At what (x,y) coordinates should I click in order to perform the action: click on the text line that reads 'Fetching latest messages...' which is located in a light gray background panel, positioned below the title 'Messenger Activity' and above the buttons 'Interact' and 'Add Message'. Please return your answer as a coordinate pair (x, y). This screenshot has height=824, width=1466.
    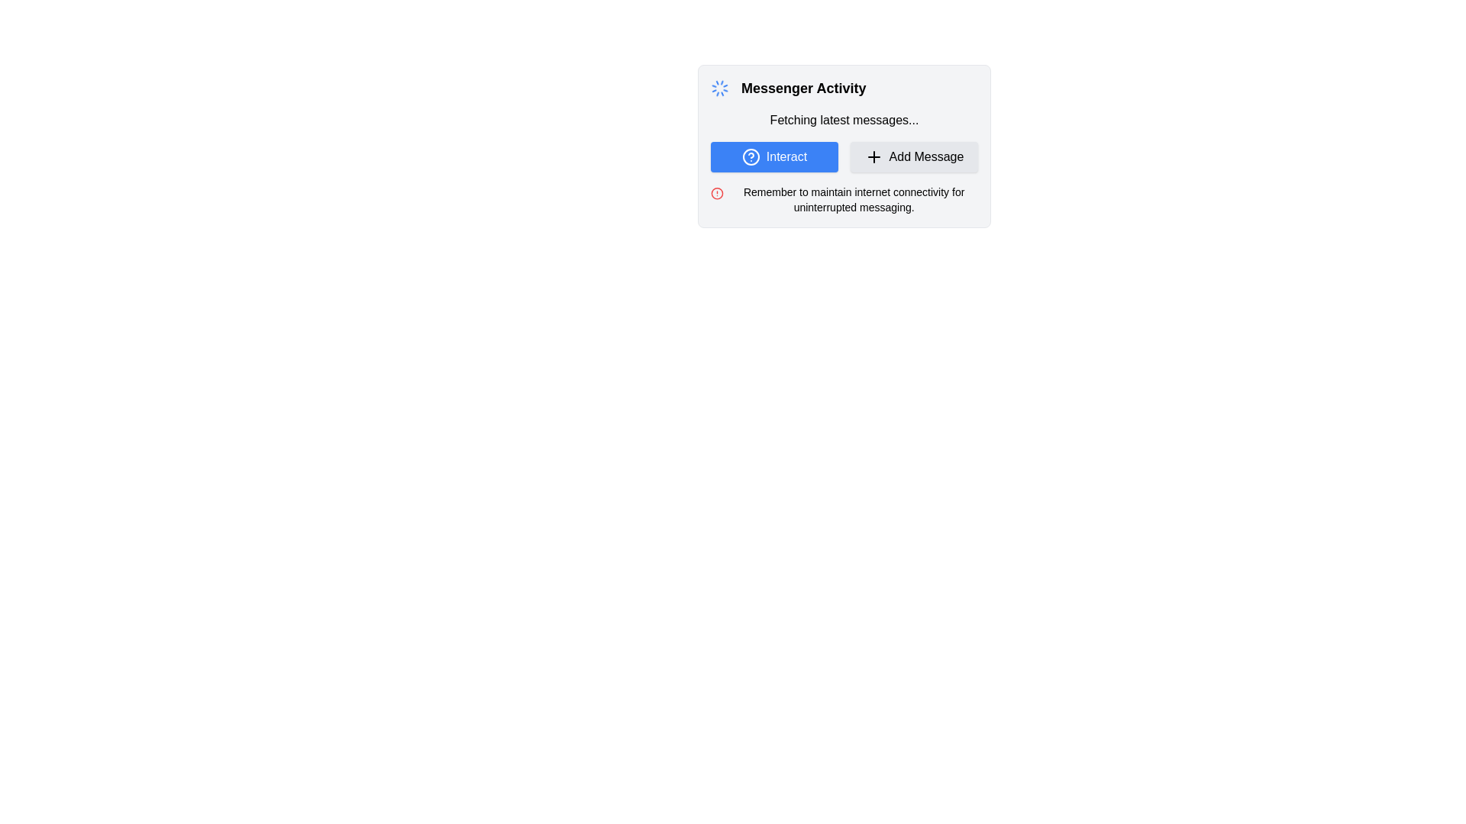
    Looking at the image, I should click on (843, 120).